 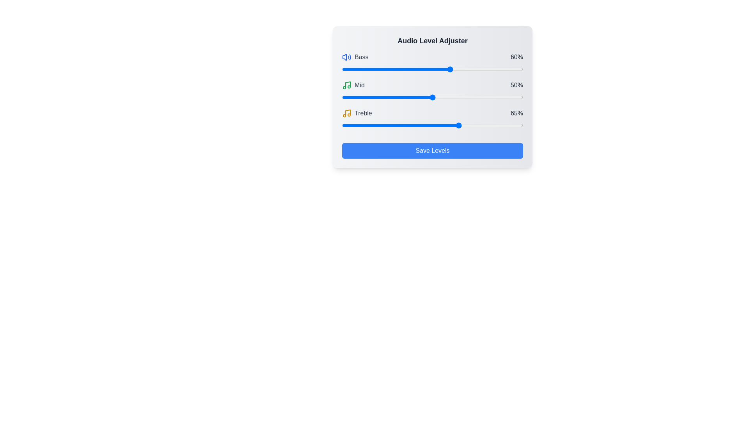 What do you see at coordinates (355, 57) in the screenshot?
I see `the 'Bass' Text Label, which identifies the audio control section for bass adjustments, located to the left of the percentage label '60%' and immediately after the blue speaker icon` at bounding box center [355, 57].